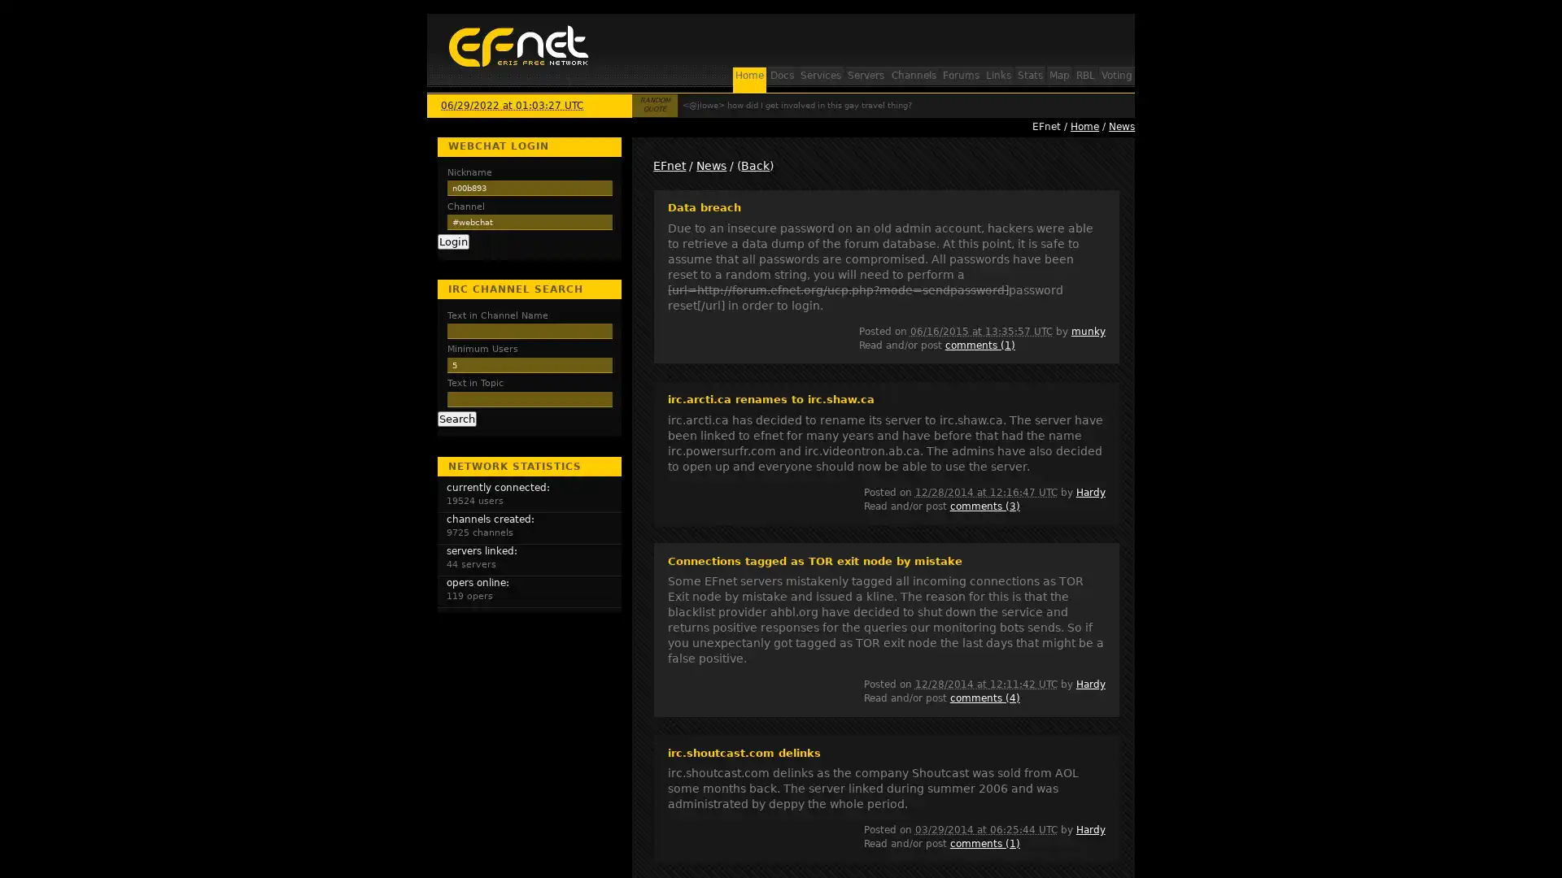 The height and width of the screenshot is (878, 1562). I want to click on Login, so click(452, 241).